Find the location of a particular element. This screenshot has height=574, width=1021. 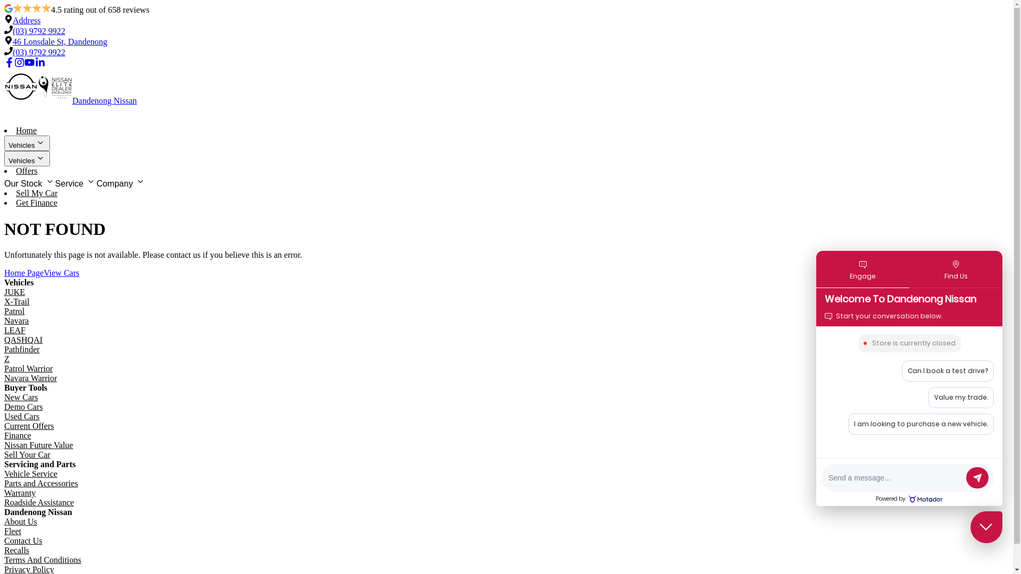

'View Cars' is located at coordinates (43, 272).